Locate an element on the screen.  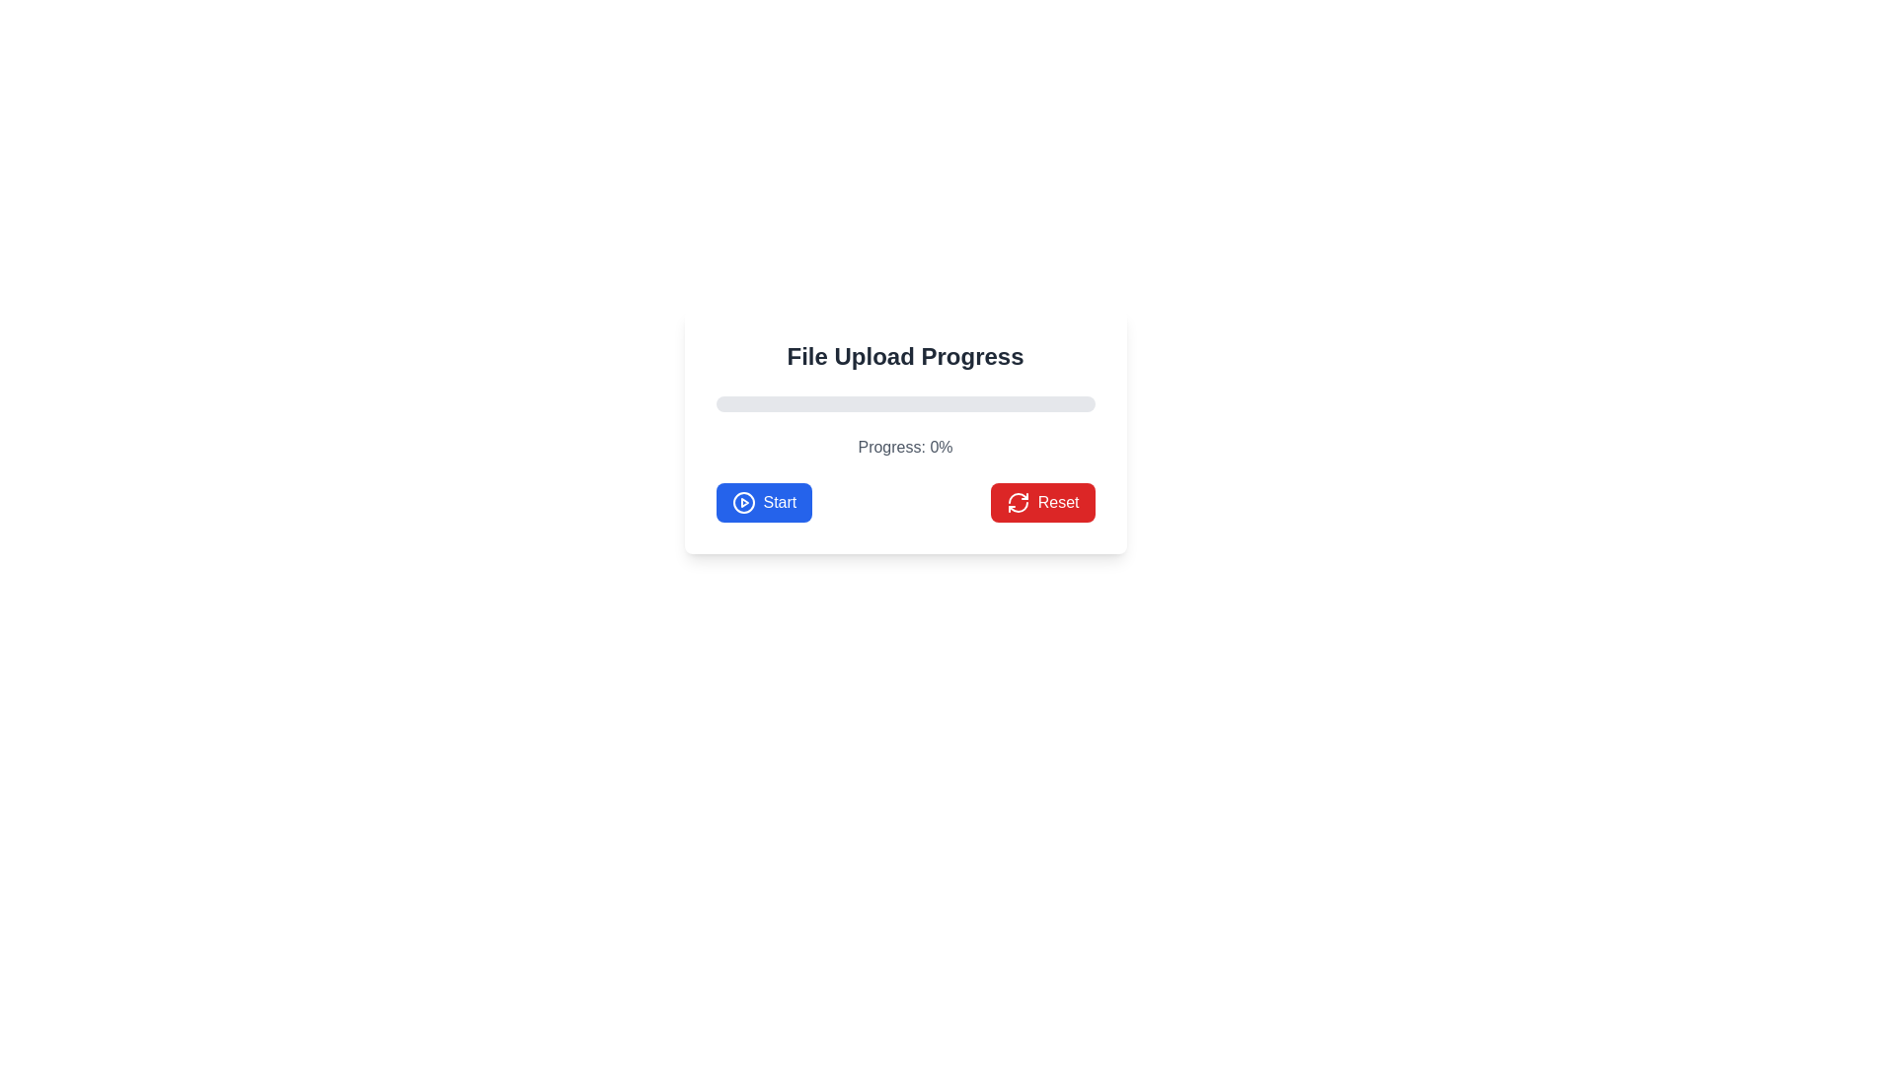
the progress bar located centrally below the 'File Upload Progress' header and above the 'Progress: 0%' text is located at coordinates (904, 402).